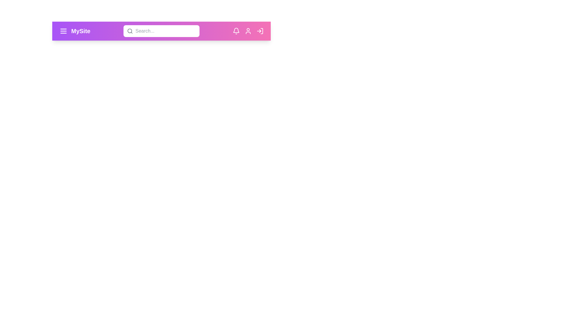 The image size is (570, 320). Describe the element at coordinates (64, 31) in the screenshot. I see `the menu icon to open the menu` at that location.